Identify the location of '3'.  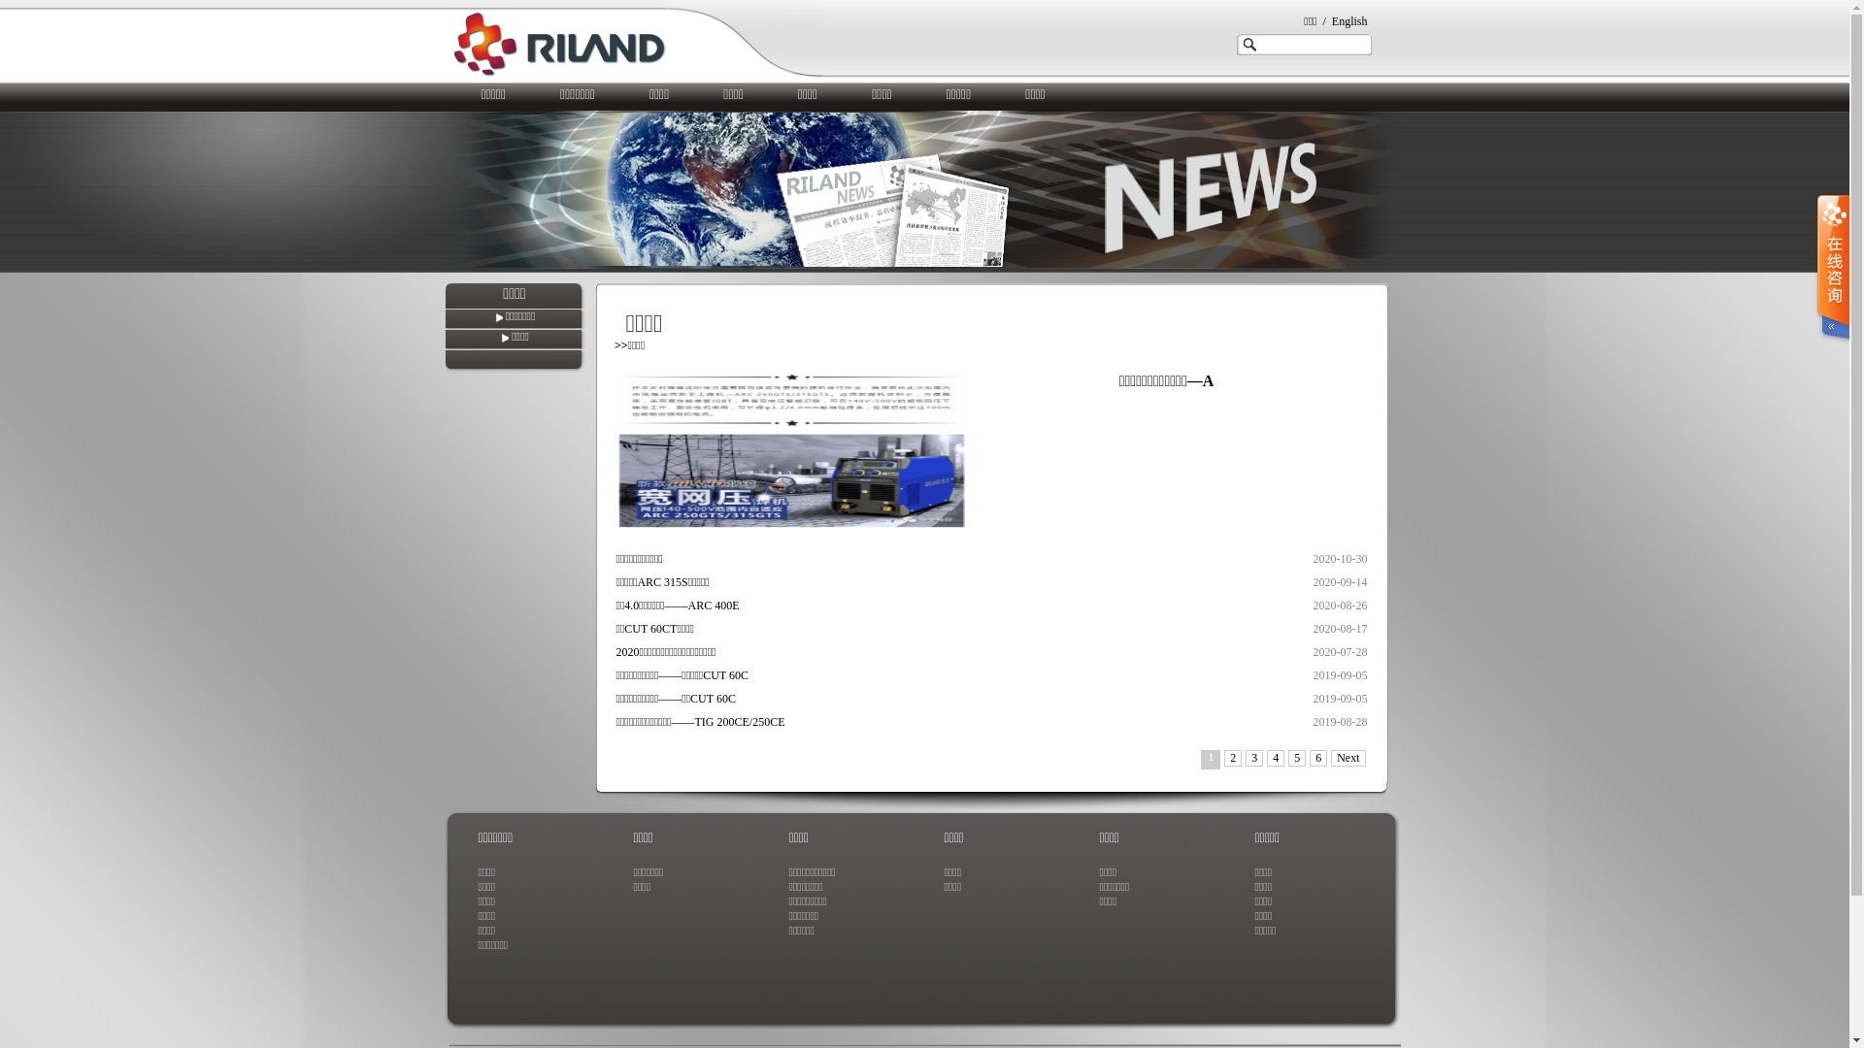
(1253, 757).